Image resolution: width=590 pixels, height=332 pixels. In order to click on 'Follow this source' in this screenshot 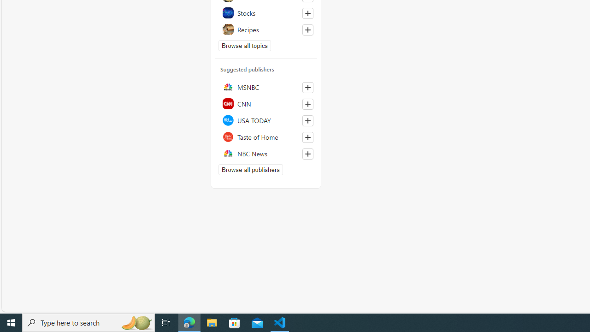, I will do `click(307, 154)`.